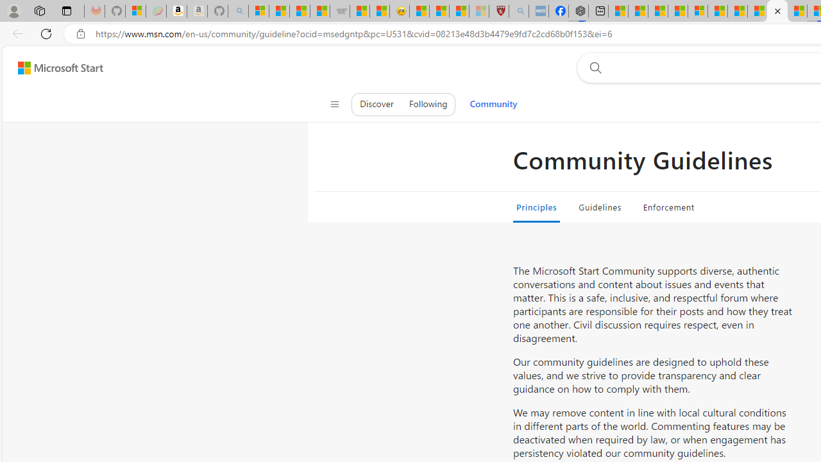 The image size is (821, 462). Describe the element at coordinates (15, 33) in the screenshot. I see `'Back'` at that location.